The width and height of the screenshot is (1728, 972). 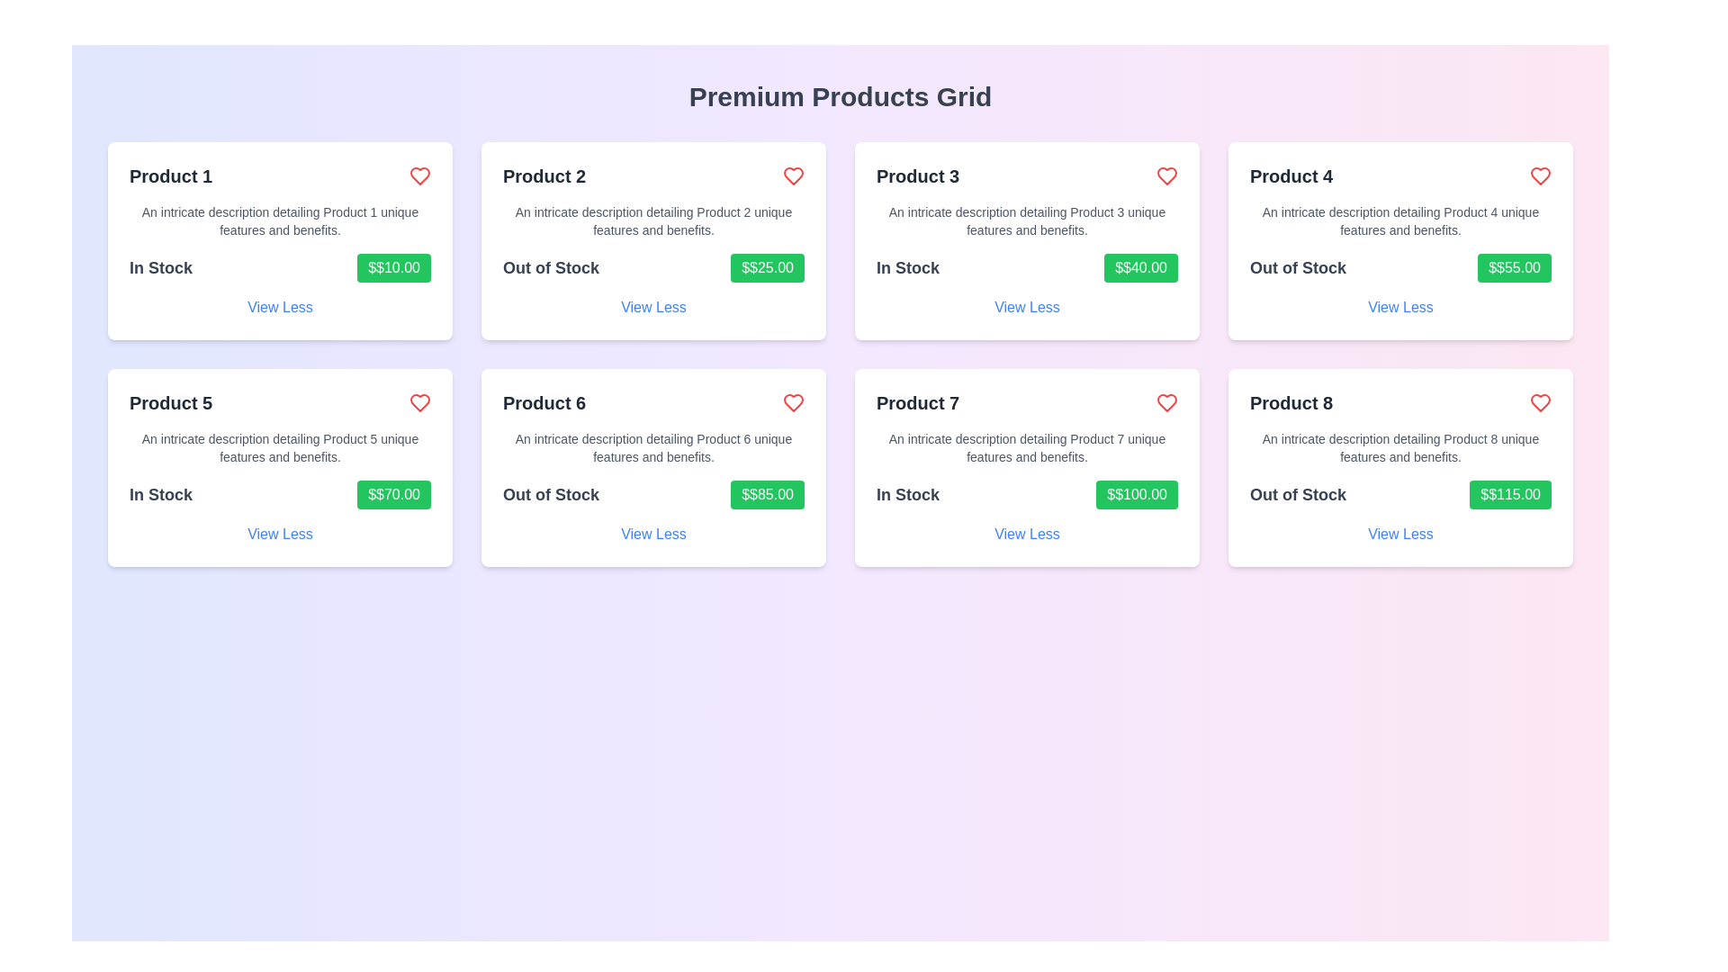 I want to click on the descriptive text element for 'Product 6', which is positioned between the product title and the 'Out of Stock' label, so click(x=652, y=446).